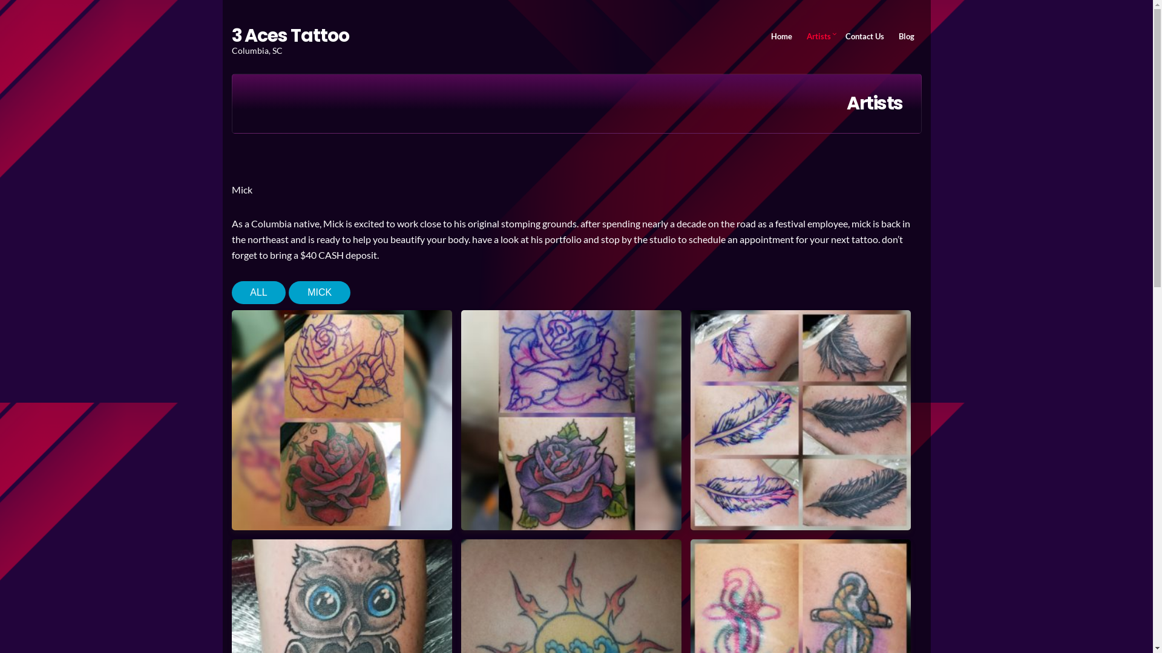 The width and height of the screenshot is (1162, 653). I want to click on 'Contact Us', so click(864, 36).